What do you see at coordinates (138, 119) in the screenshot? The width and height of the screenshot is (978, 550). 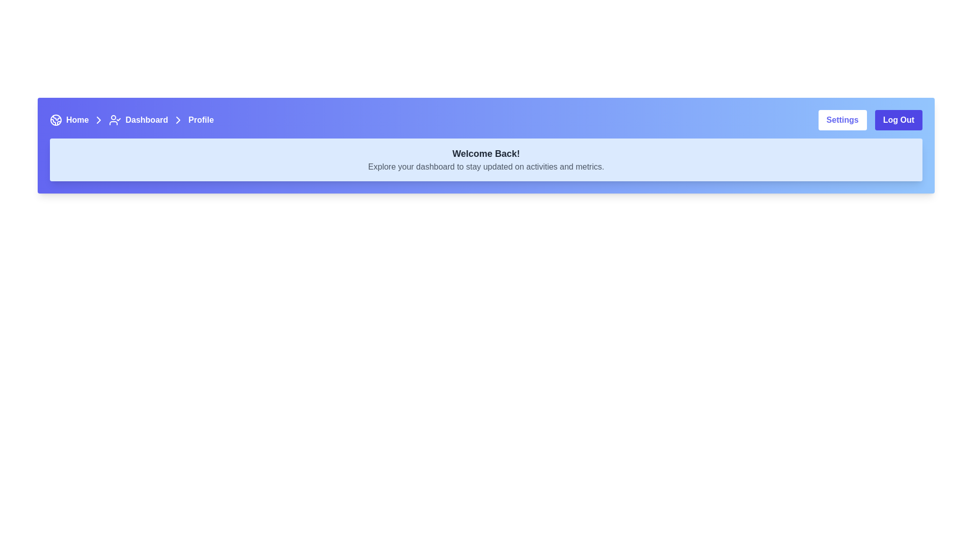 I see `the 'Dashboard' link in the breadcrumb navigation` at bounding box center [138, 119].